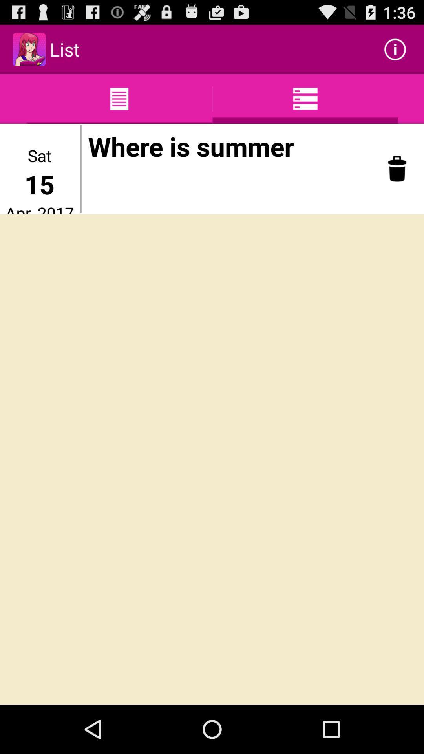  What do you see at coordinates (39, 184) in the screenshot?
I see `item below the sat app` at bounding box center [39, 184].